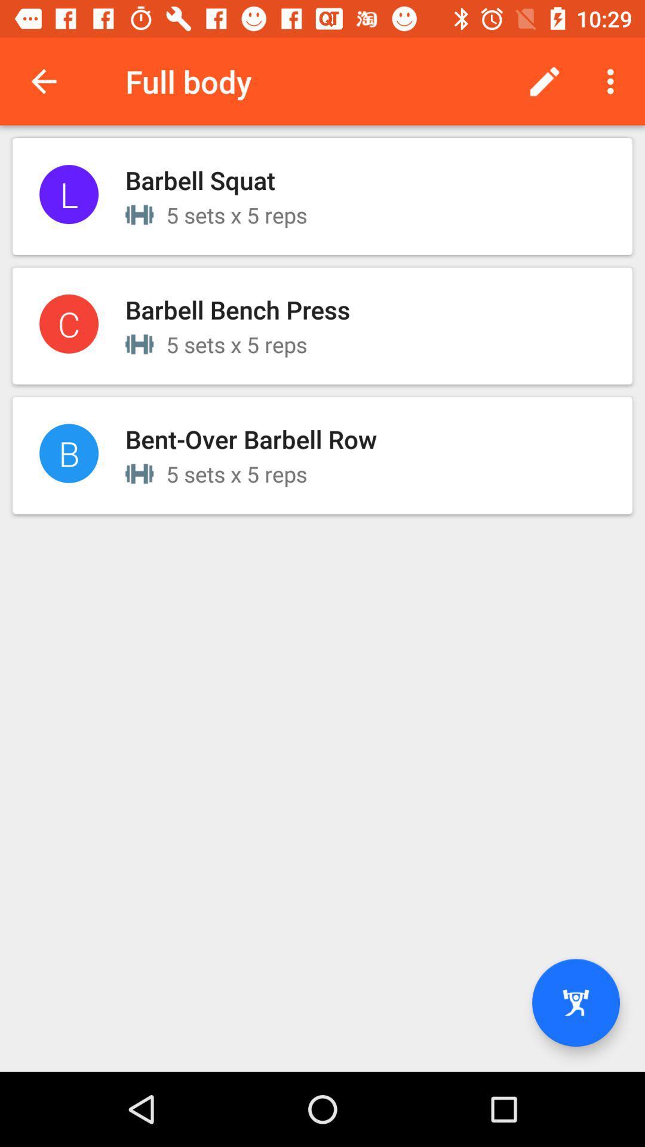  Describe the element at coordinates (575, 1002) in the screenshot. I see `the fullscreen icon` at that location.